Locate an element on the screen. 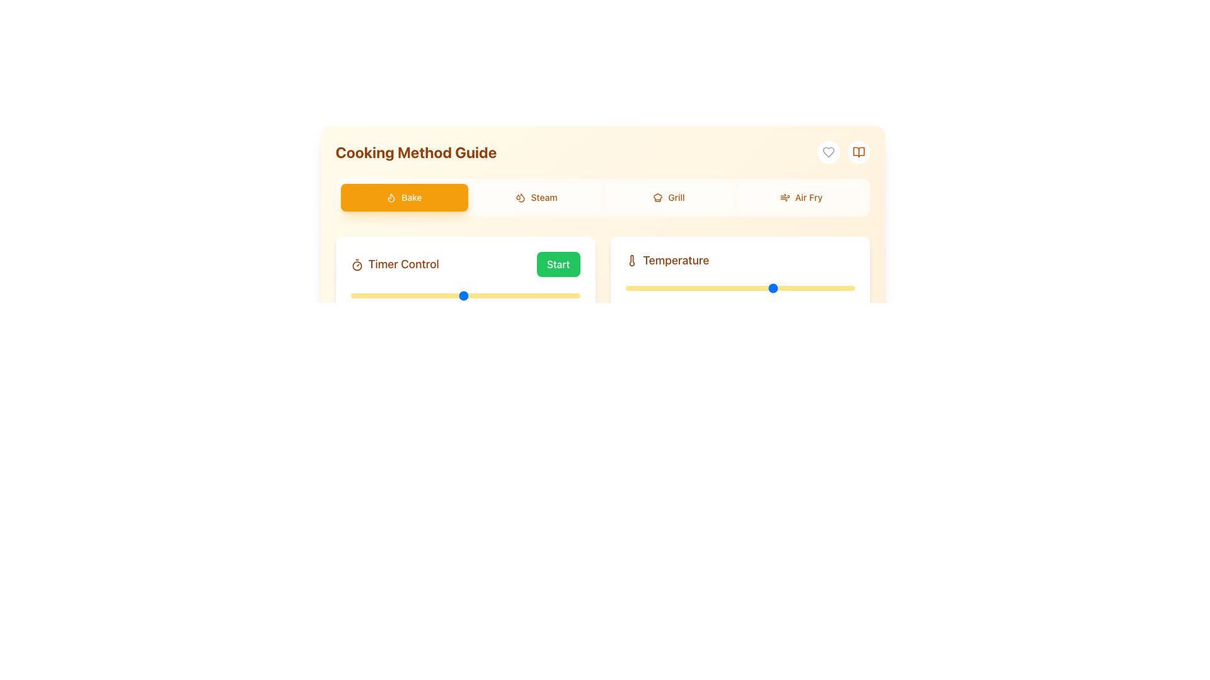 The width and height of the screenshot is (1210, 680). the temperature slider is located at coordinates (700, 288).